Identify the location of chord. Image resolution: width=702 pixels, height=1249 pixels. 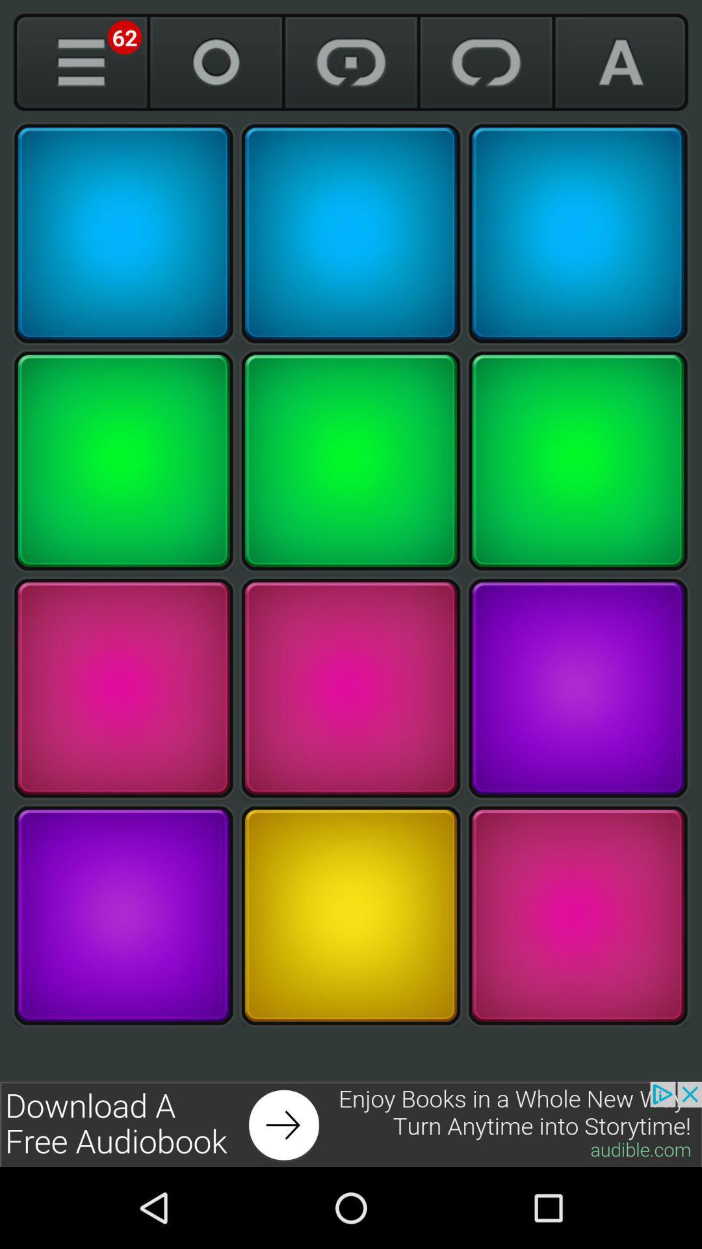
(577, 915).